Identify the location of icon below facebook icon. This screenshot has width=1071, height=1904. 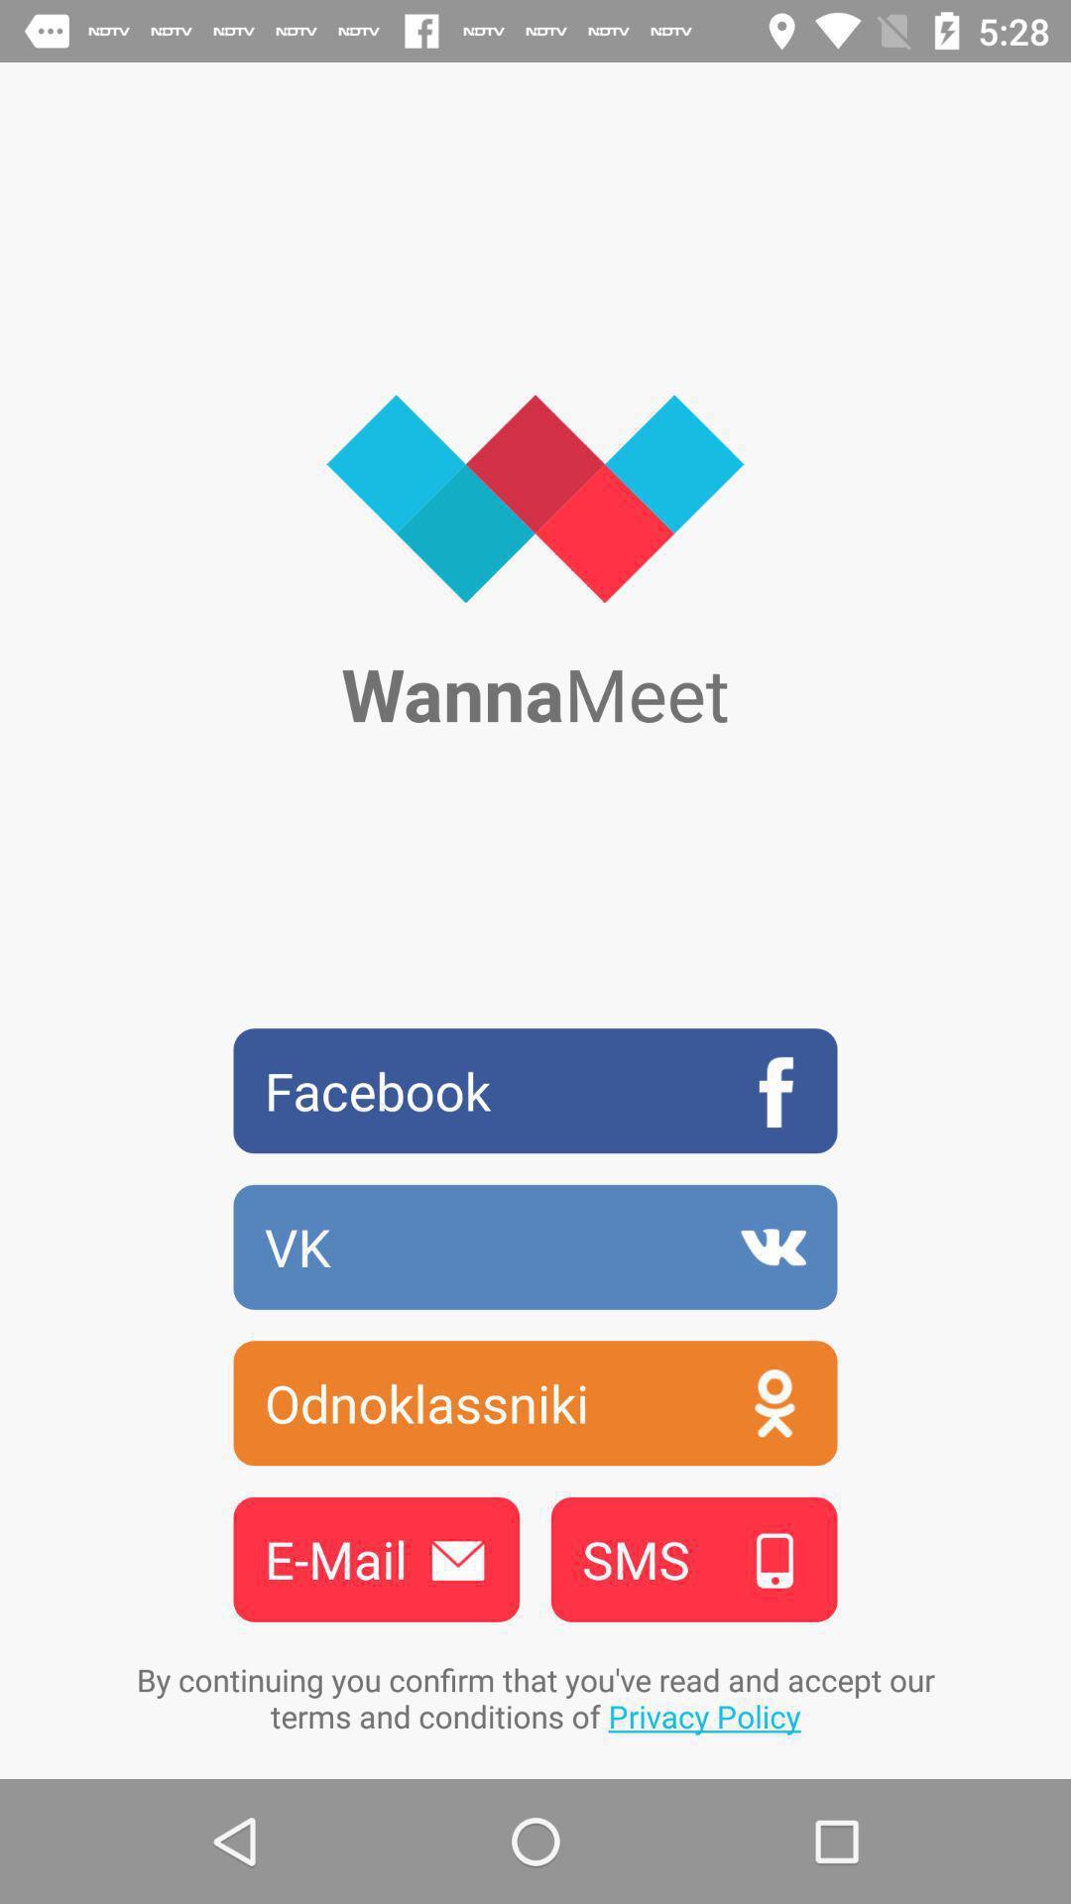
(535, 1246).